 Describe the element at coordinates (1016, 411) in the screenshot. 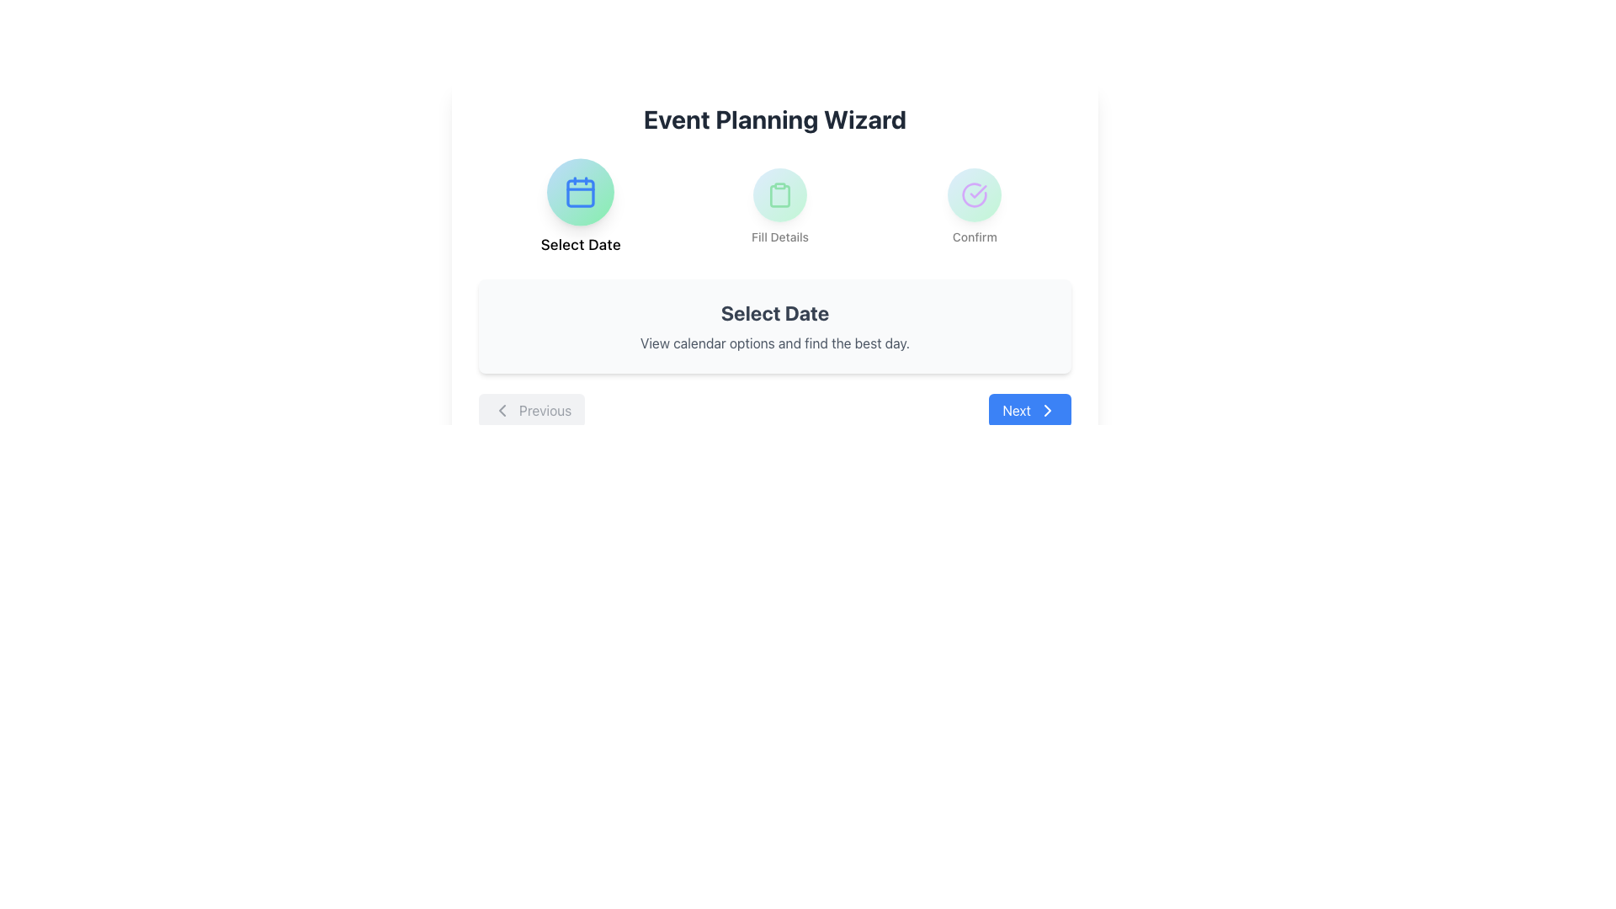

I see `the 'Next' text label, which is styled in white with medium font weight and positioned to the left of a chevron icon, near the bottom-right corner of the interface` at that location.